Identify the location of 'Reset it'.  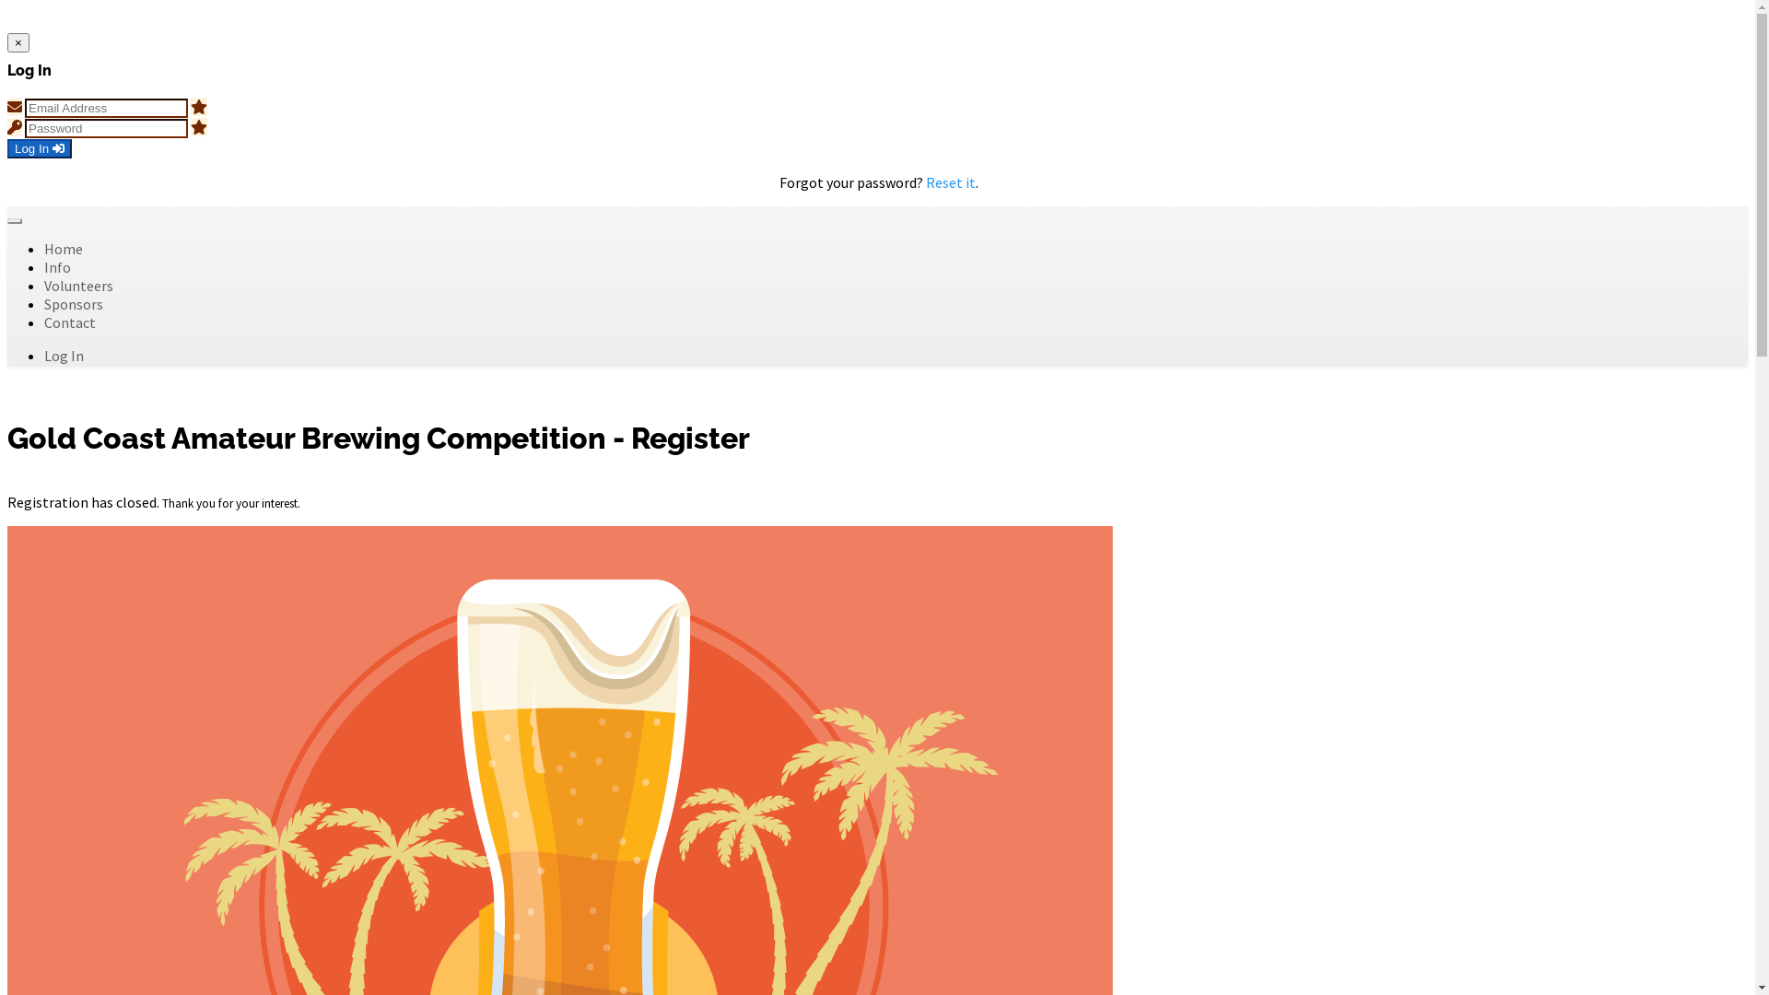
(951, 181).